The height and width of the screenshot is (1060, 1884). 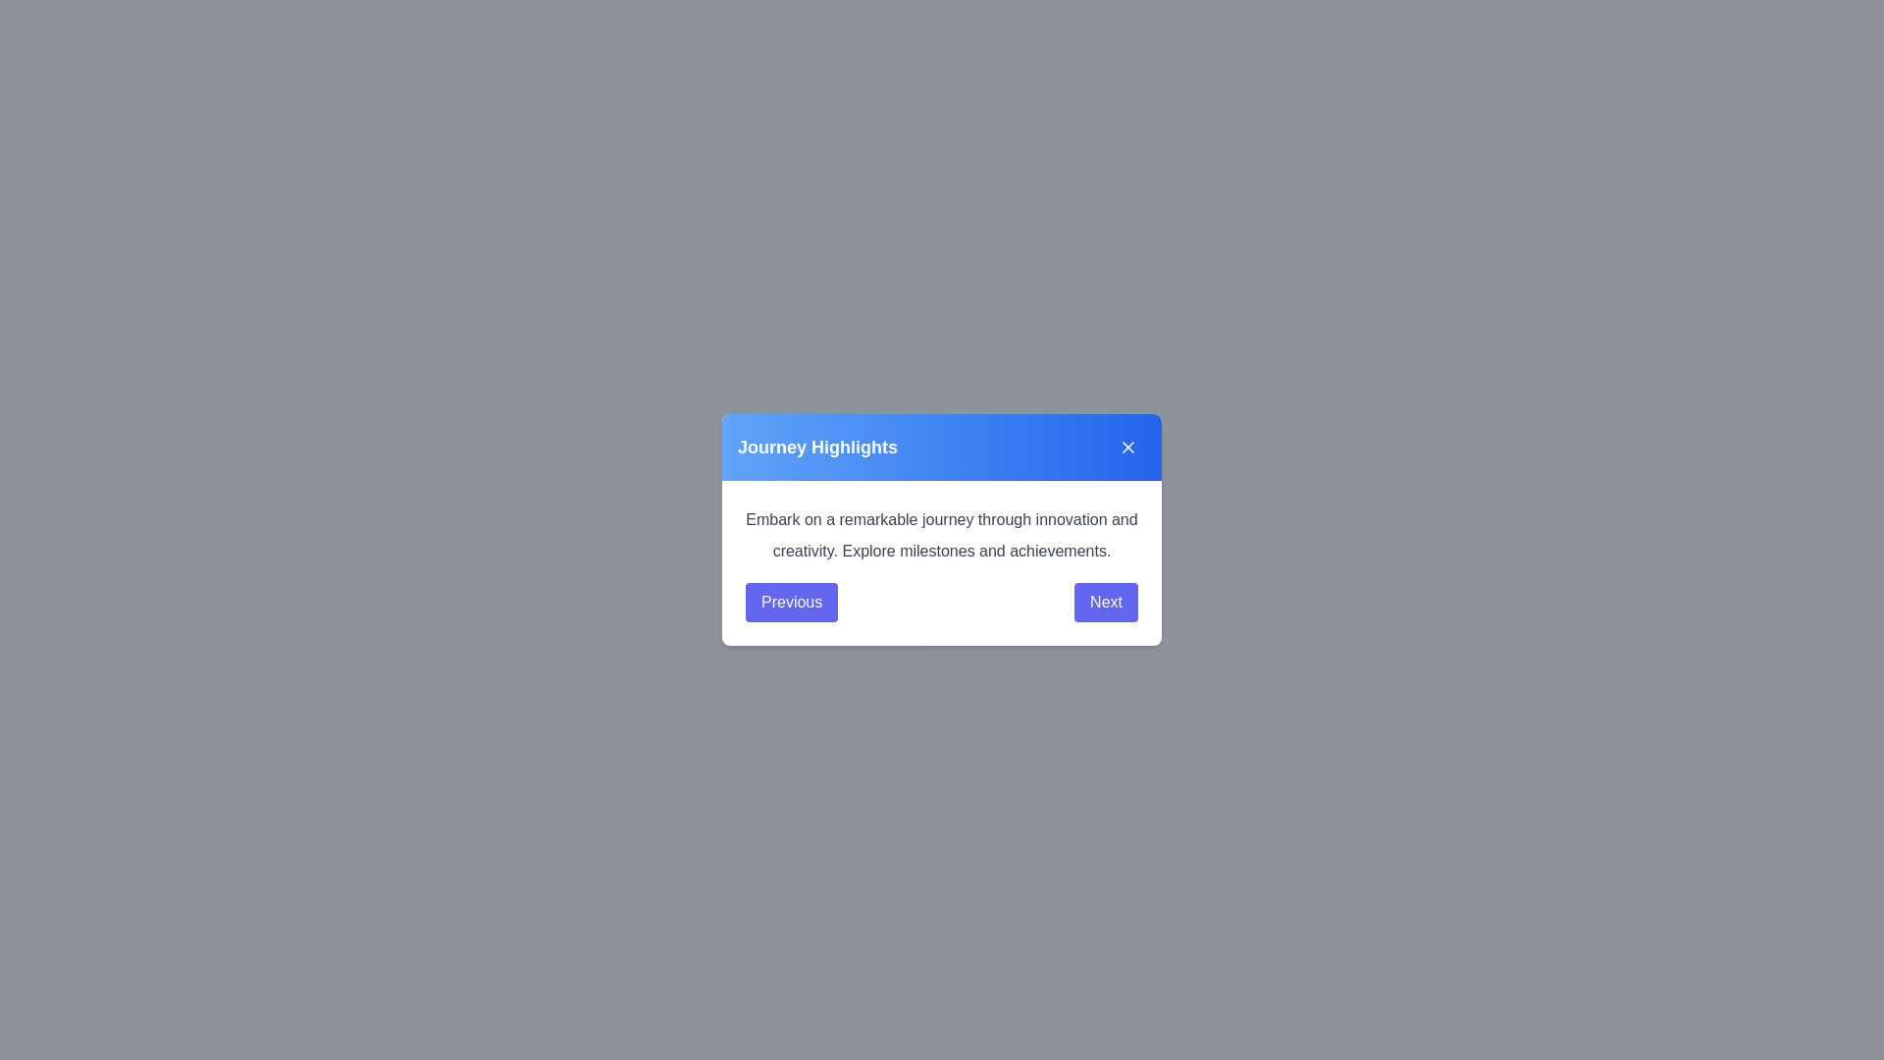 What do you see at coordinates (942, 536) in the screenshot?
I see `informational text block styled with a gray font, located in the central part of the modal interface, directly below its header, and above the buttons labeled 'Previous' and 'Next'` at bounding box center [942, 536].